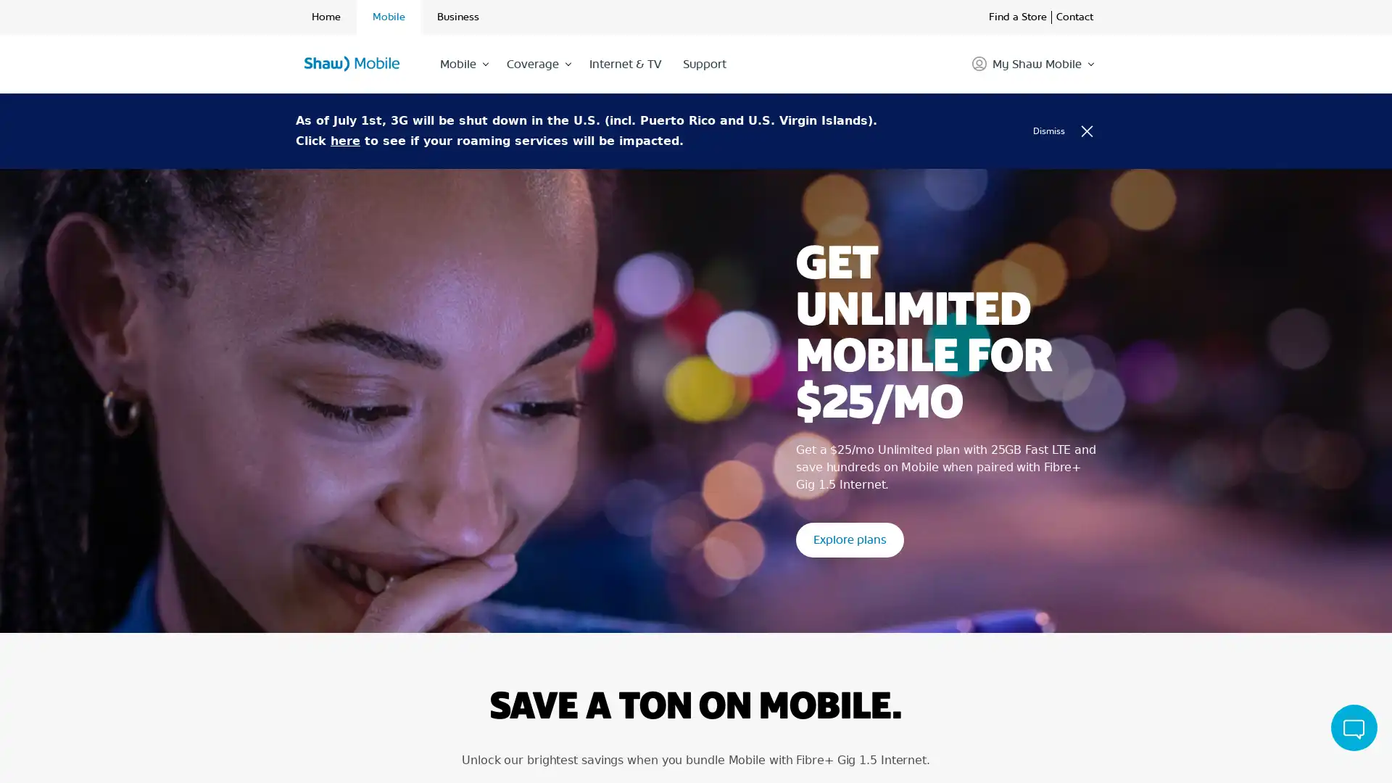  What do you see at coordinates (1068, 131) in the screenshot?
I see `Dismiss` at bounding box center [1068, 131].